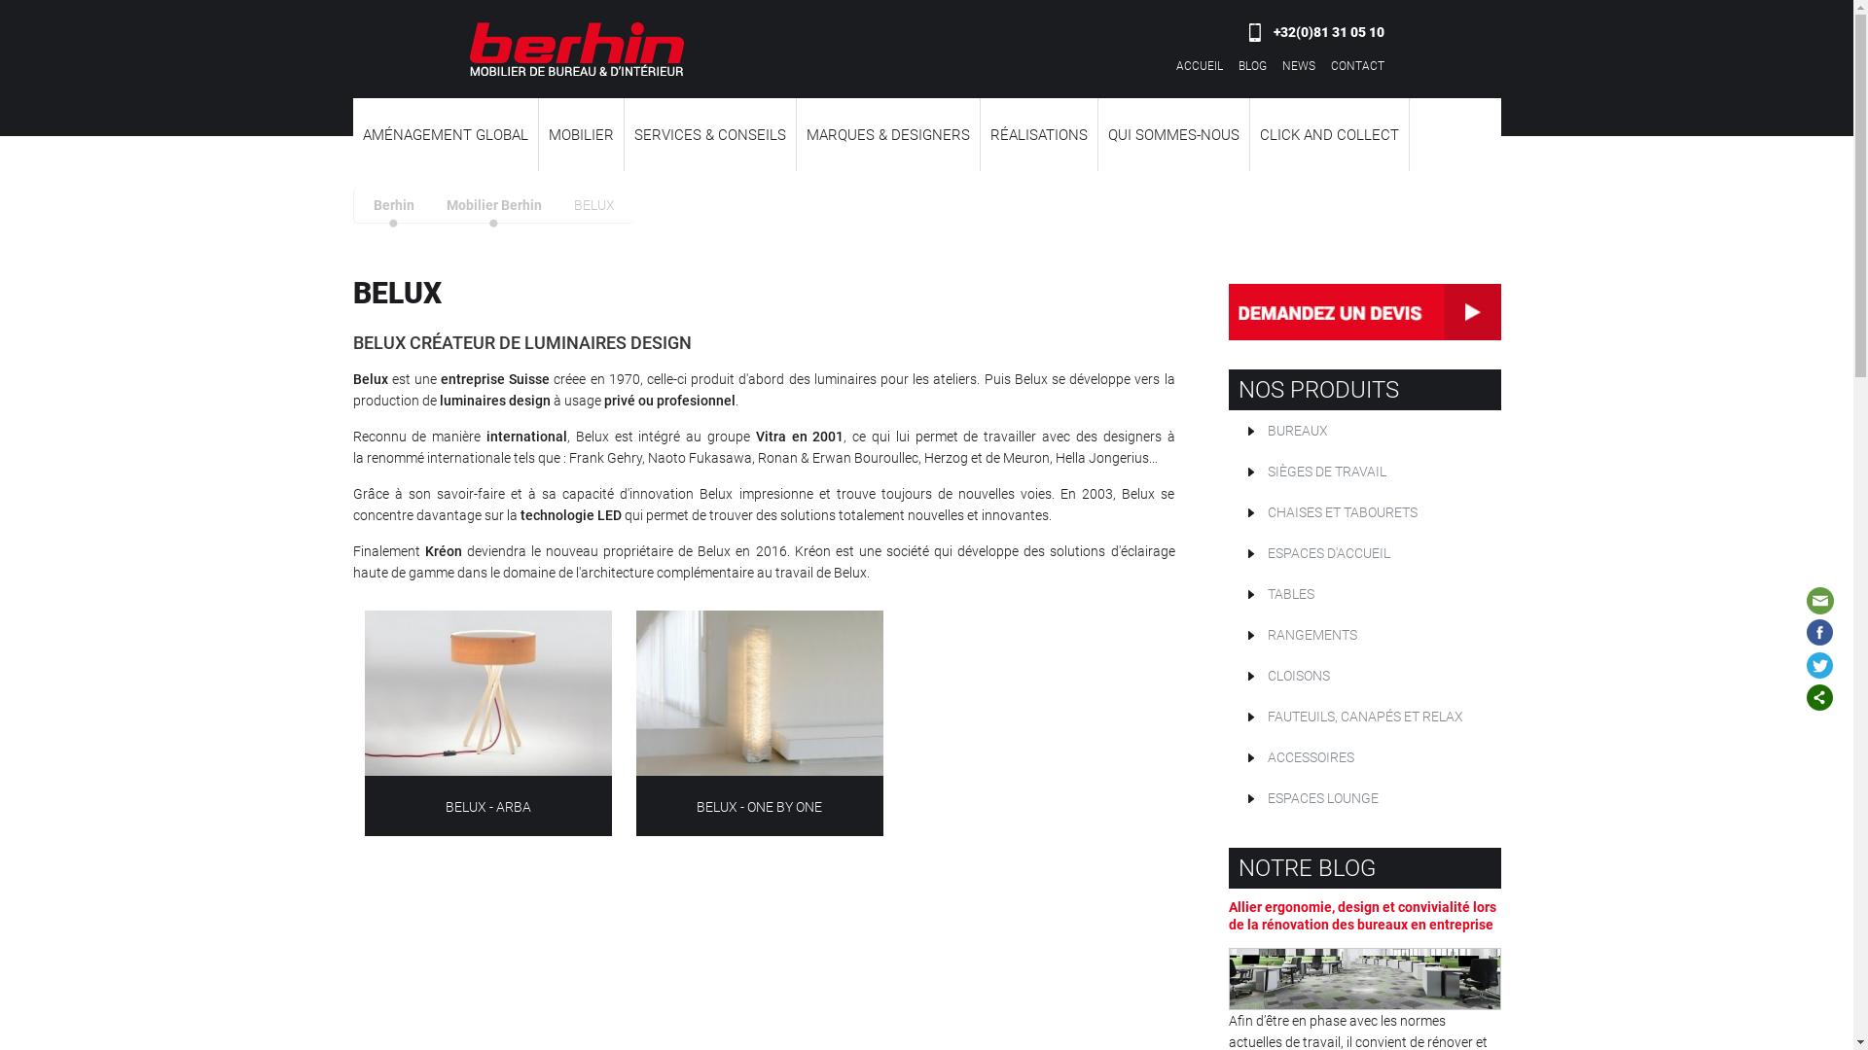 This screenshot has width=1868, height=1050. I want to click on 'ESPACES D'ACCUEIL', so click(1227, 553).